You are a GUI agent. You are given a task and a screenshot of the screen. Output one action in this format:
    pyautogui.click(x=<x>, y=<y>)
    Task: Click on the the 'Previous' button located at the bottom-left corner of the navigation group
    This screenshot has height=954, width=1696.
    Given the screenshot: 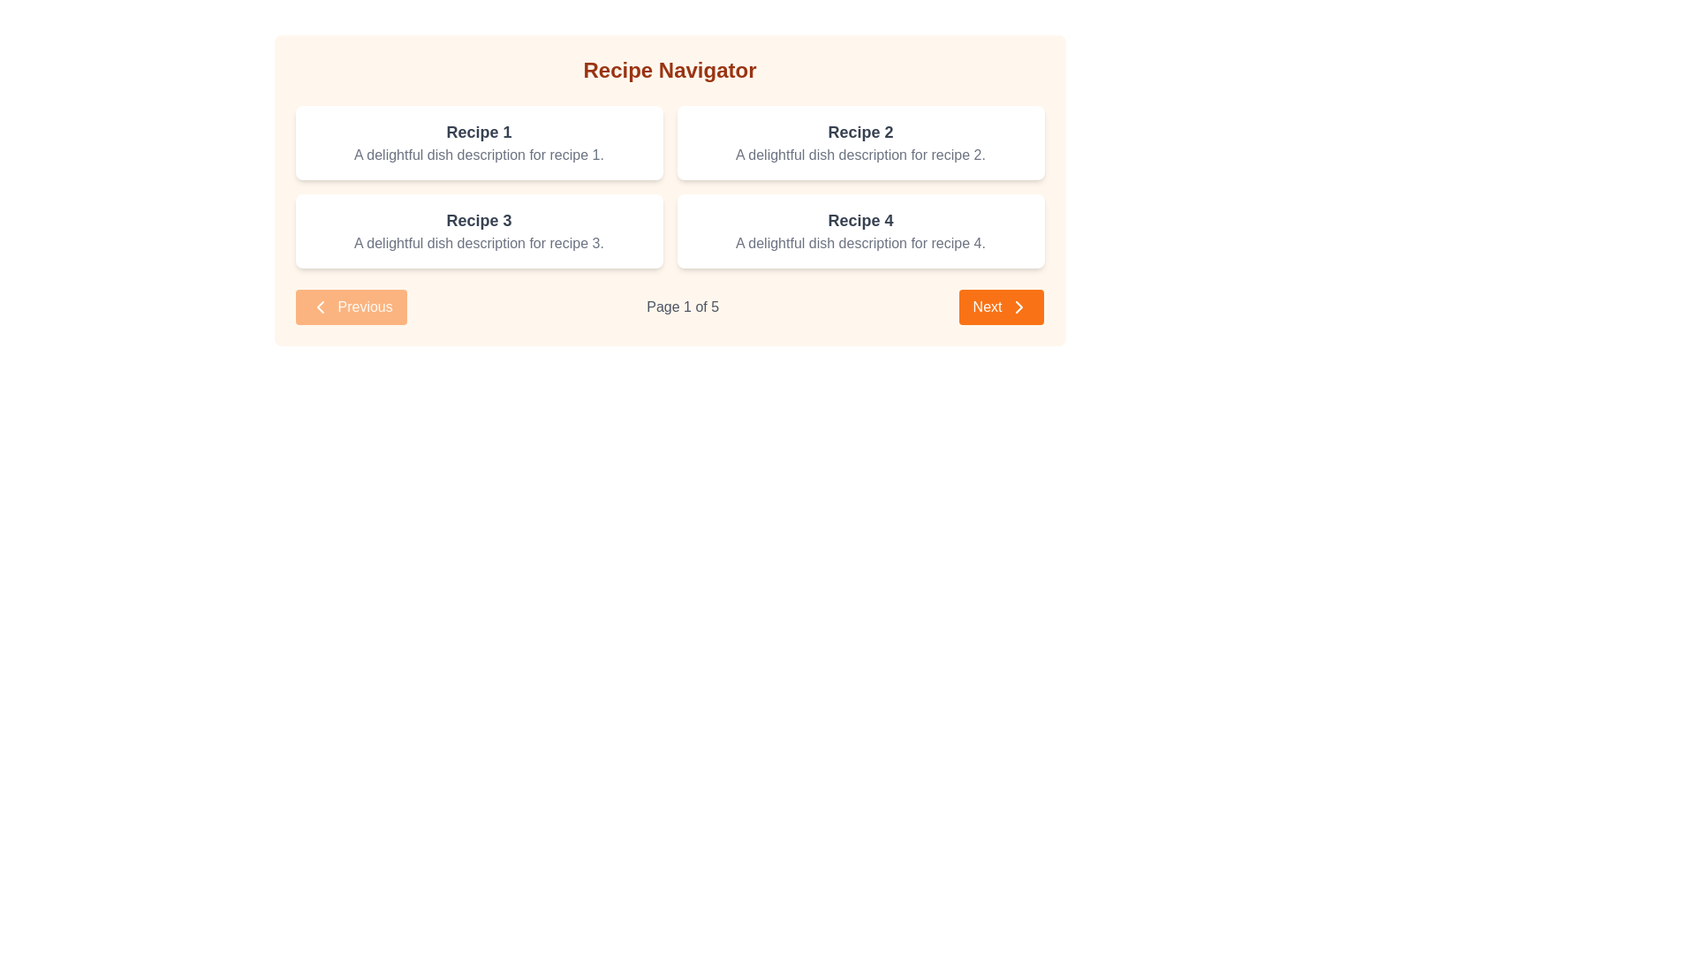 What is the action you would take?
    pyautogui.click(x=351, y=306)
    